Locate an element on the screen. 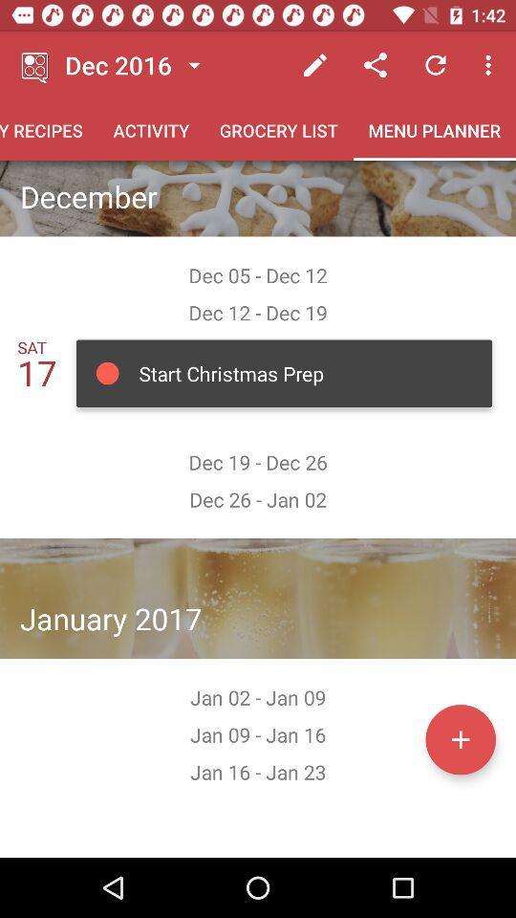  menu is located at coordinates (460, 738).